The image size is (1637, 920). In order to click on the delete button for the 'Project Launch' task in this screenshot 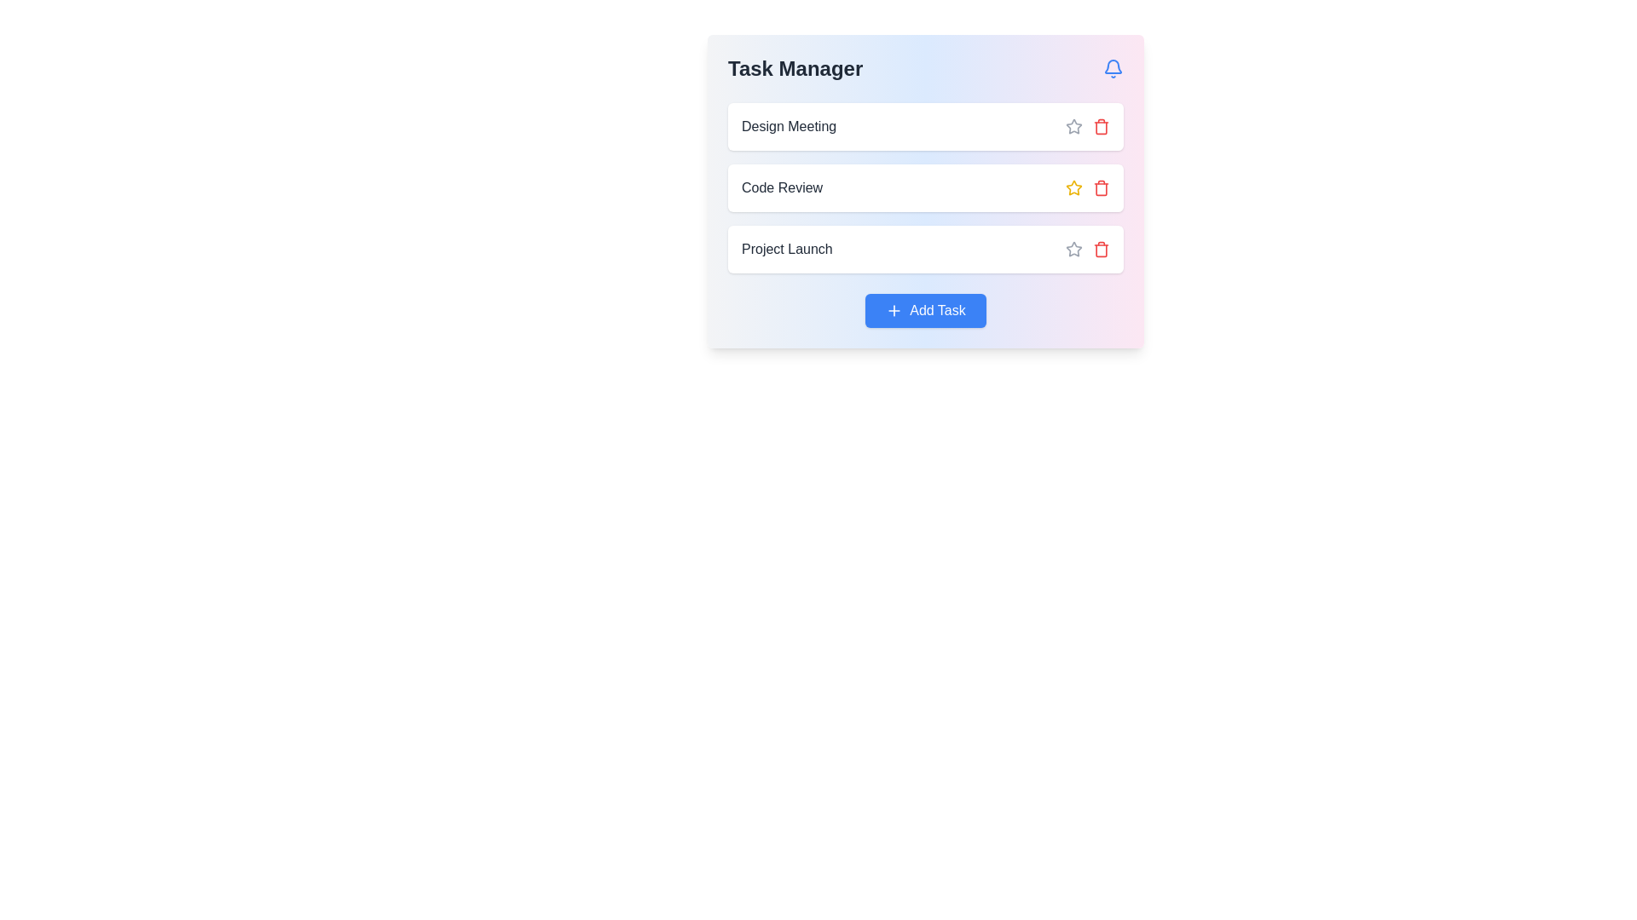, I will do `click(1101, 250)`.